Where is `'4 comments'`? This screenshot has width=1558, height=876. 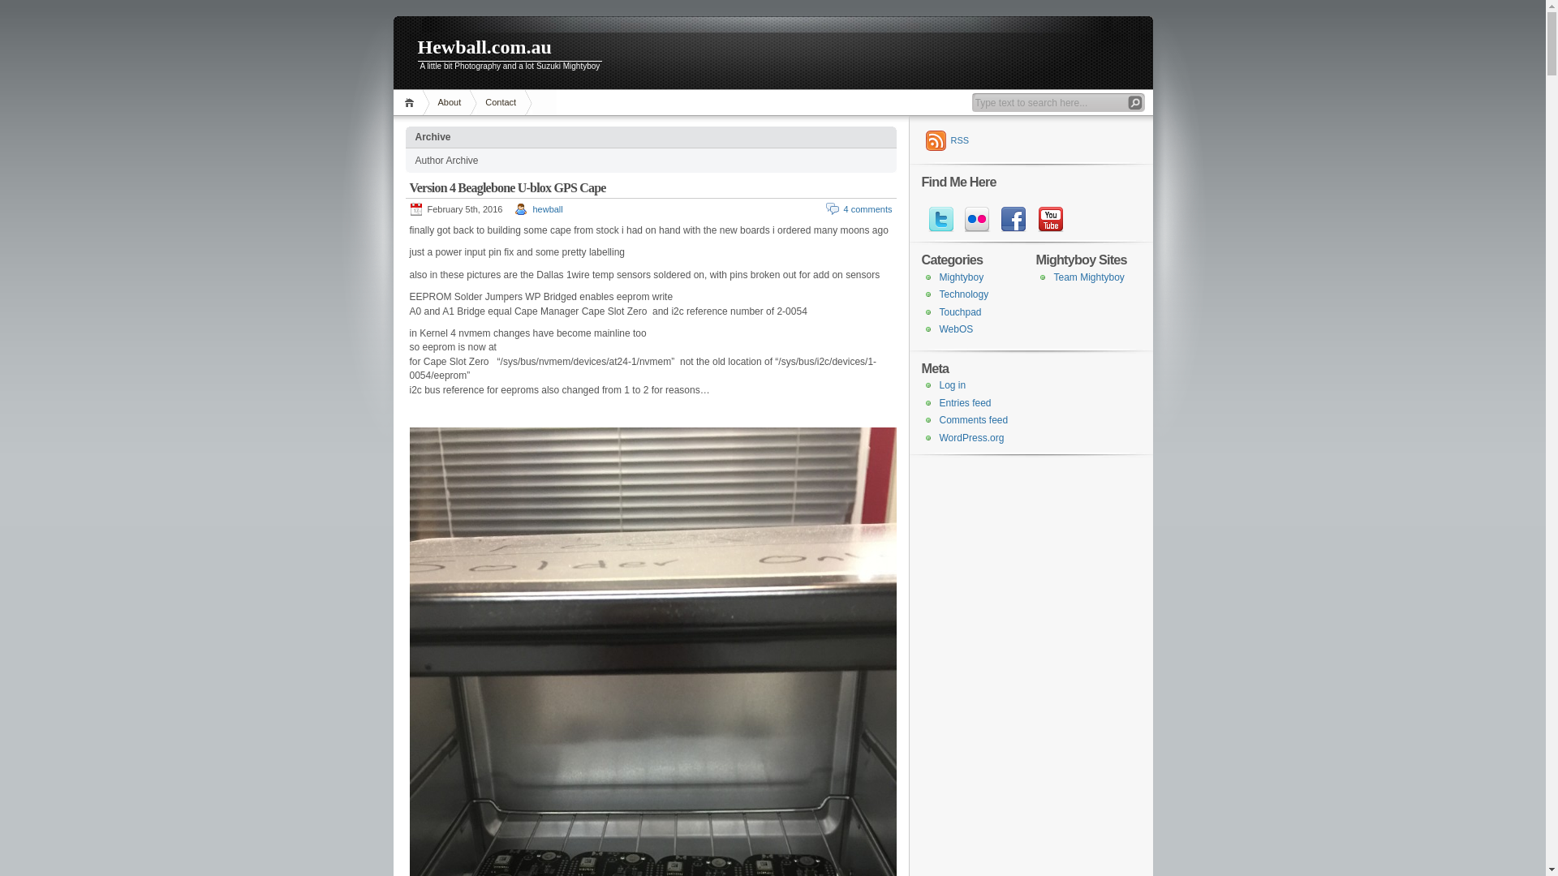
'4 comments' is located at coordinates (867, 208).